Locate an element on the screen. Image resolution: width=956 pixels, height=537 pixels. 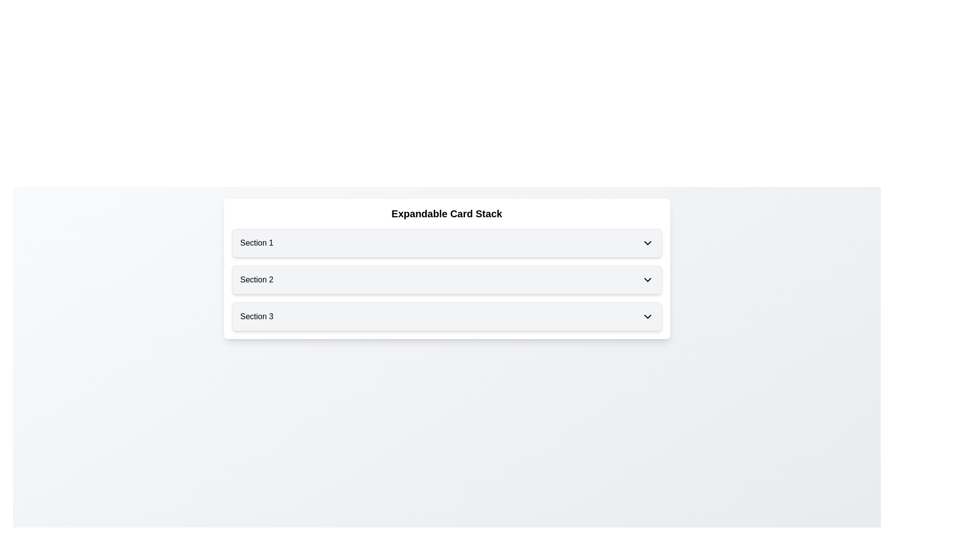
the static text label indicating the title of the third section in the card stack, which is non-interactive and located on the left side of the bottommost button in a vertically stacked list of sections is located at coordinates (256, 316).